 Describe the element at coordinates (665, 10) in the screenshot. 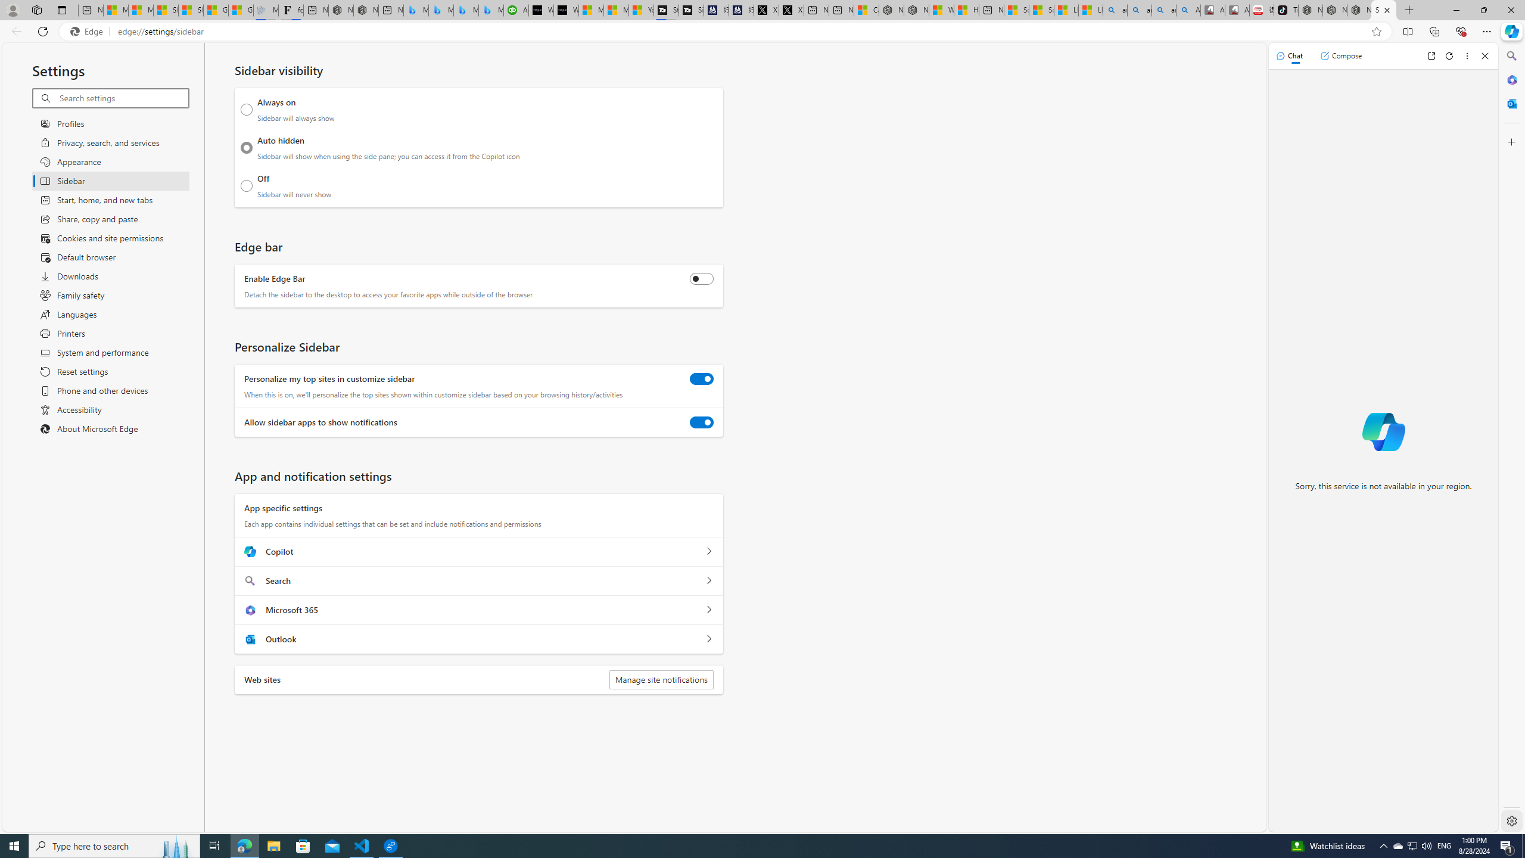

I see `'Streaming Coverage | T3'` at that location.